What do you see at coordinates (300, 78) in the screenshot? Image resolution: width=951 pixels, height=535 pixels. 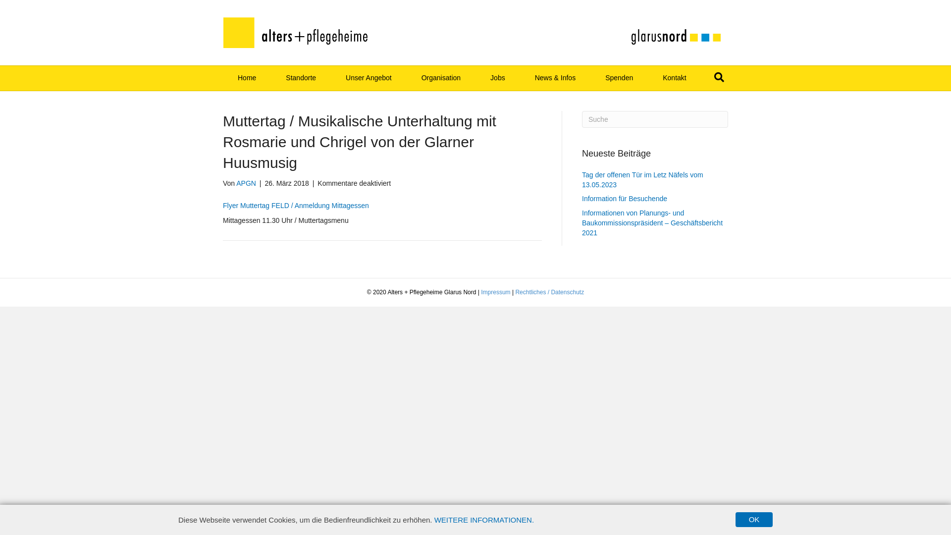 I see `'Standorte'` at bounding box center [300, 78].